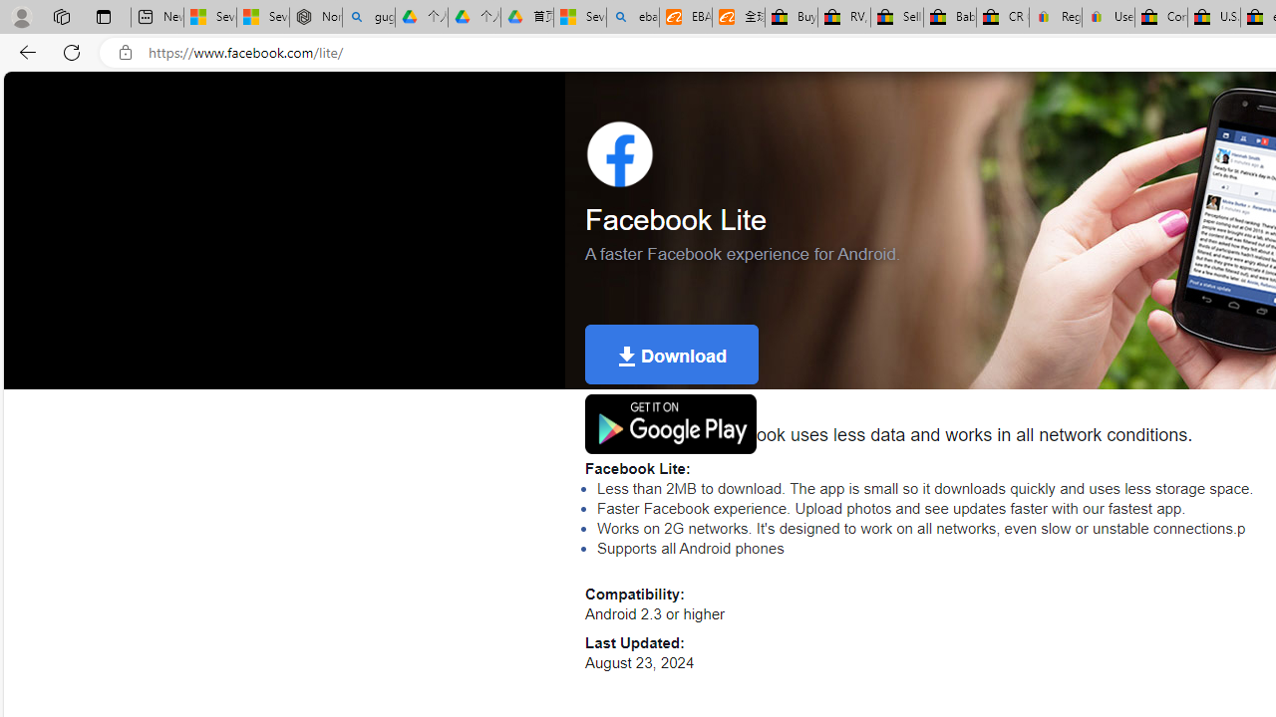 Image resolution: width=1276 pixels, height=717 pixels. Describe the element at coordinates (631, 17) in the screenshot. I see `'ebay - Search'` at that location.